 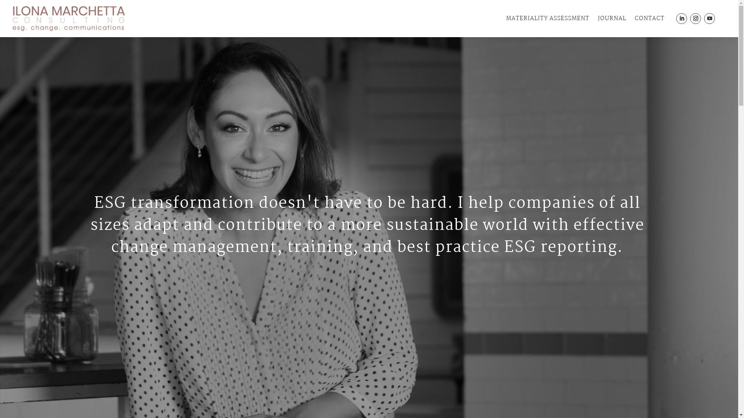 I want to click on 'MATERIALITY ASSESSMENT', so click(x=547, y=18).